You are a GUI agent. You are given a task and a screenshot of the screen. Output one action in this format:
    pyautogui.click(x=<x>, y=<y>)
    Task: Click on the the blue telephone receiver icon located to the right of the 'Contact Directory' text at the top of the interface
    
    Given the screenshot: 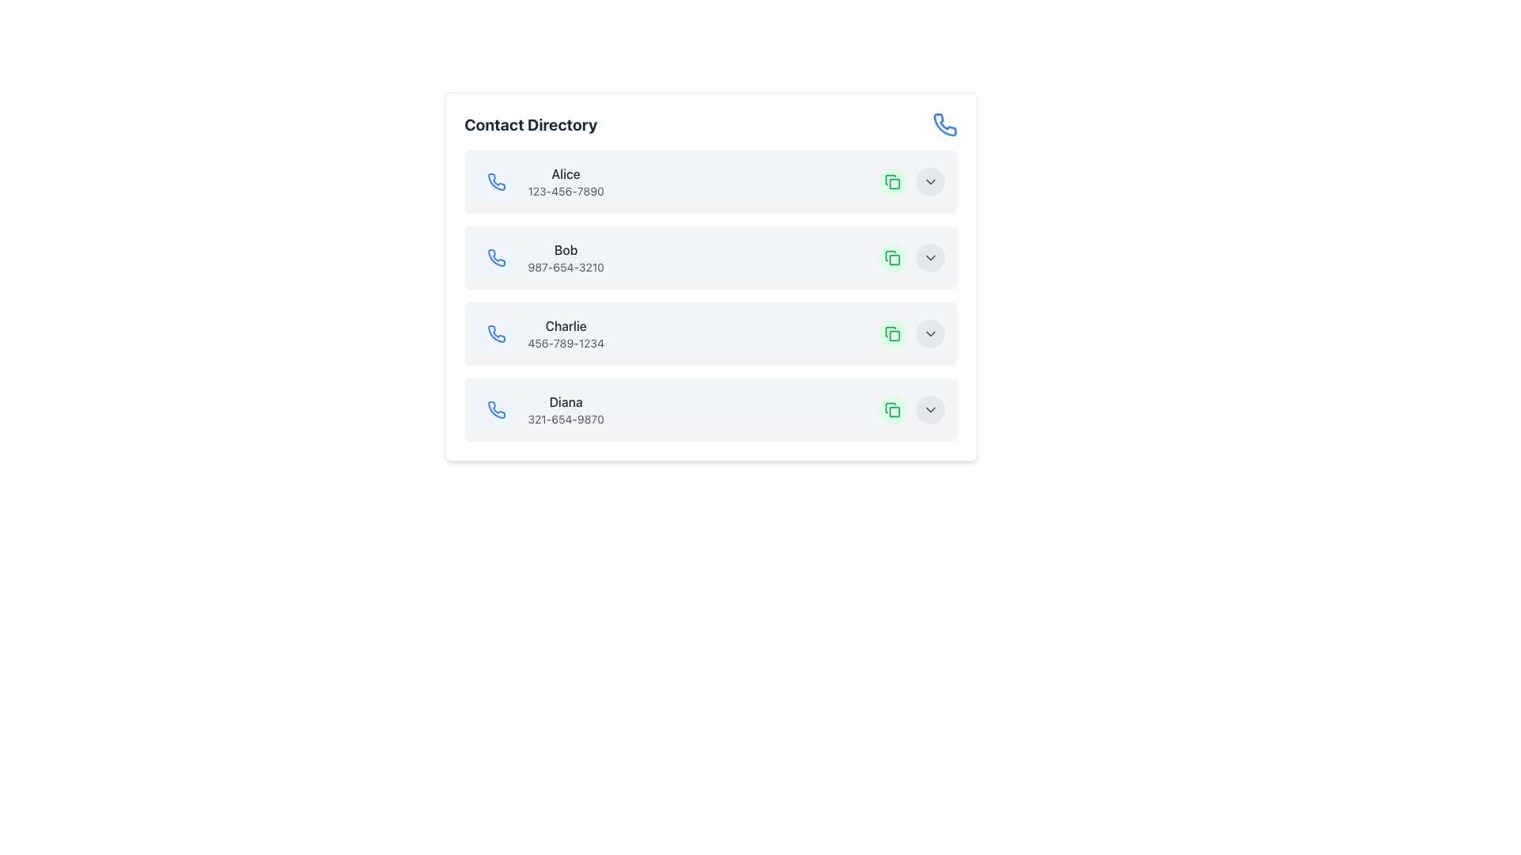 What is the action you would take?
    pyautogui.click(x=944, y=124)
    